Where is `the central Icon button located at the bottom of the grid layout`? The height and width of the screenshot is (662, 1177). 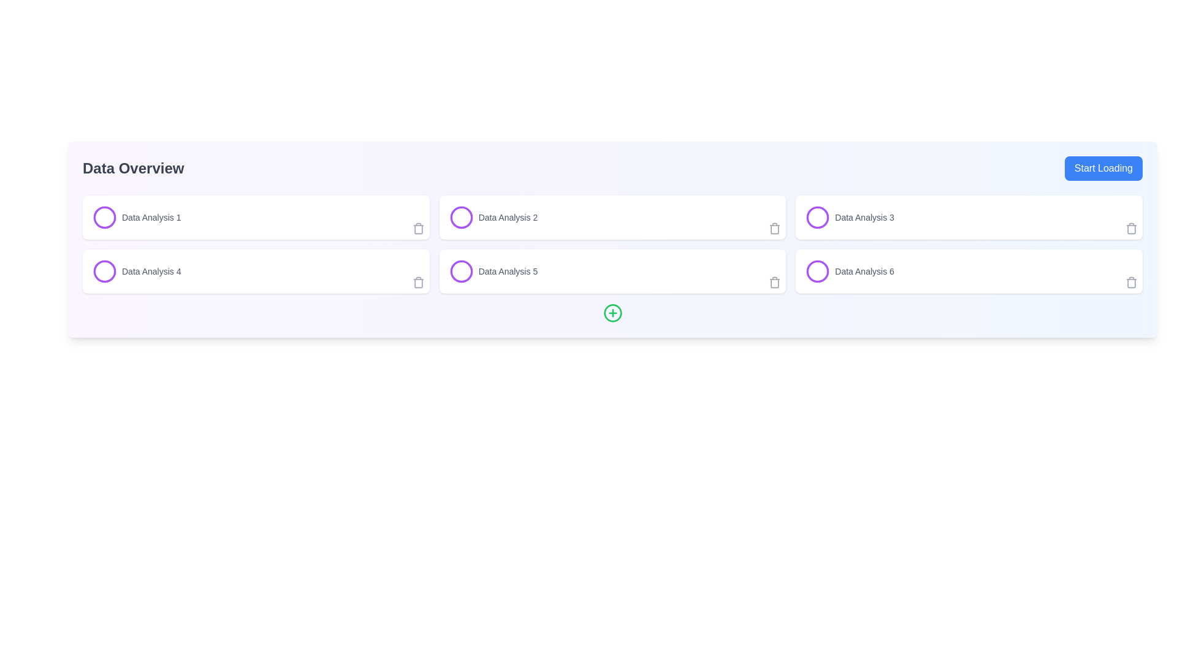
the central Icon button located at the bottom of the grid layout is located at coordinates (612, 312).